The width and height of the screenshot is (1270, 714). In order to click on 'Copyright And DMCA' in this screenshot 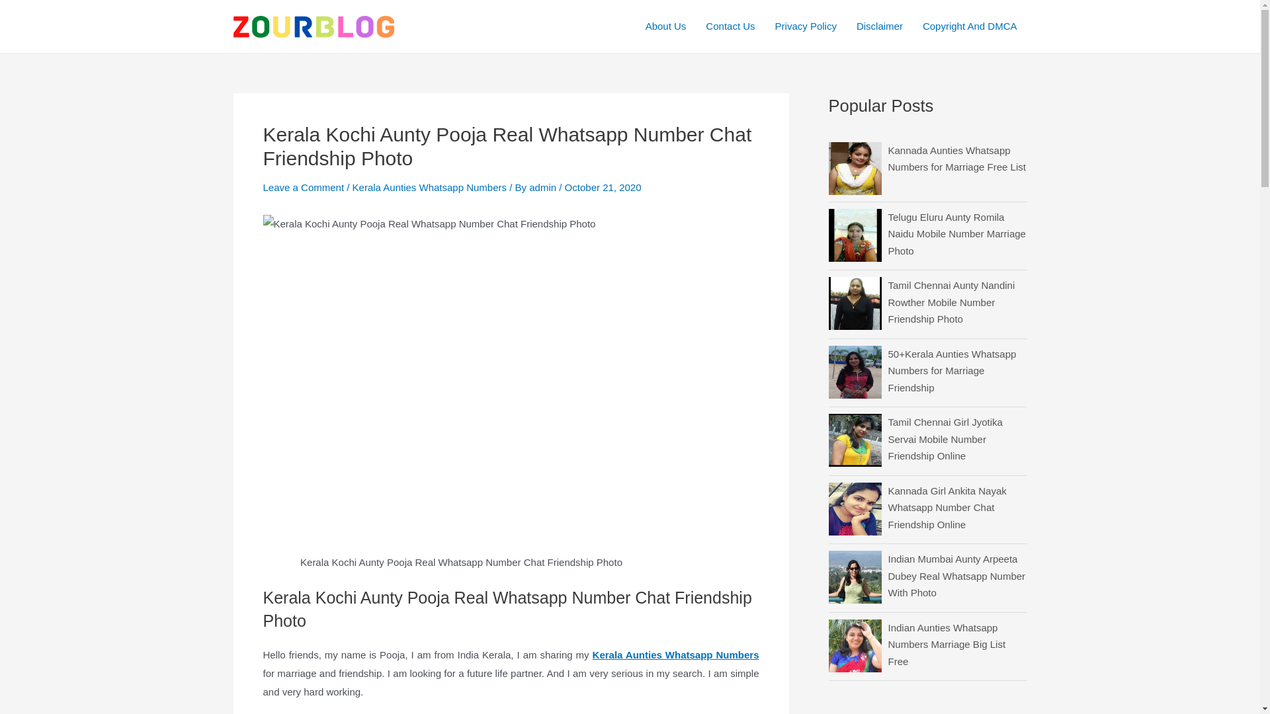, I will do `click(970, 26)`.